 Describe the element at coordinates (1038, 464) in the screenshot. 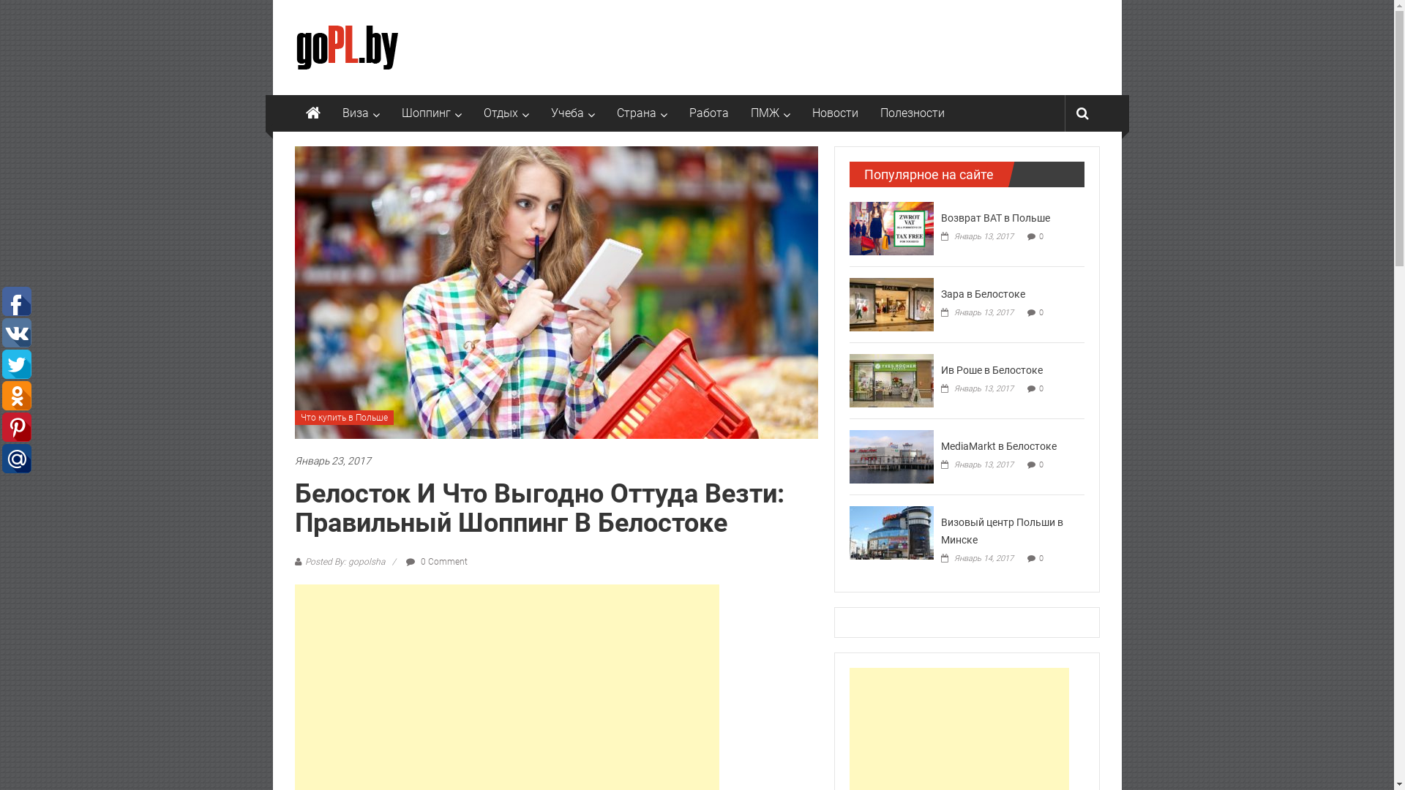

I see `'0'` at that location.